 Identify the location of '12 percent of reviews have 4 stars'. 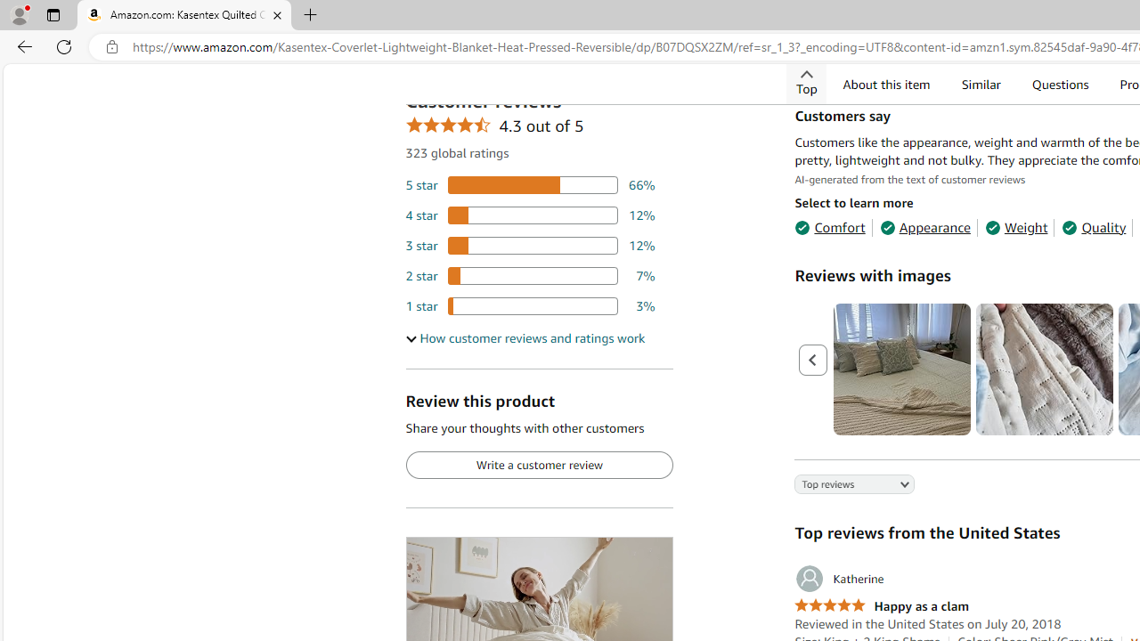
(529, 214).